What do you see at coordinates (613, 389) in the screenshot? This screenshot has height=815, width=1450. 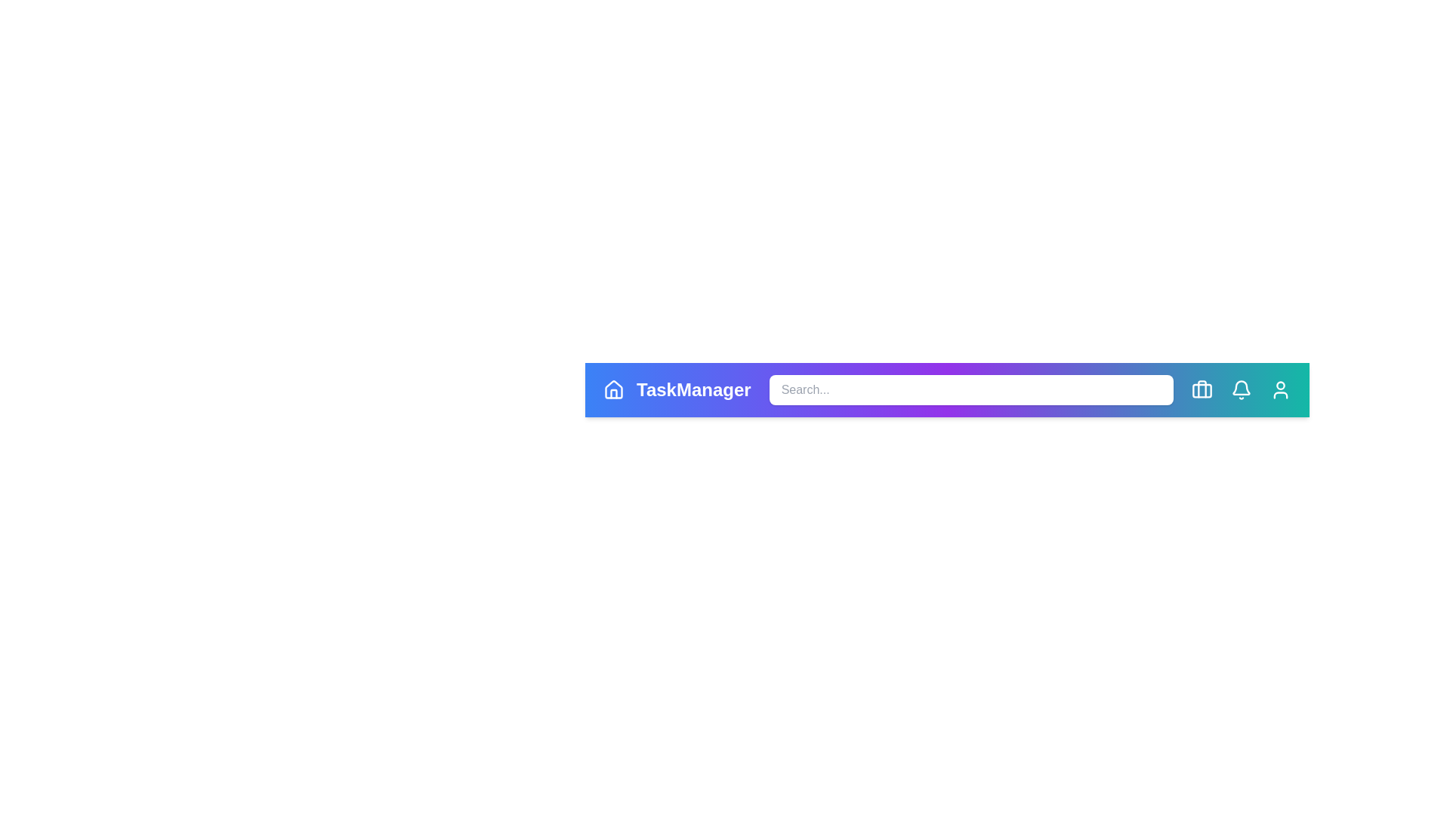 I see `the home icon to navigate to the home page` at bounding box center [613, 389].